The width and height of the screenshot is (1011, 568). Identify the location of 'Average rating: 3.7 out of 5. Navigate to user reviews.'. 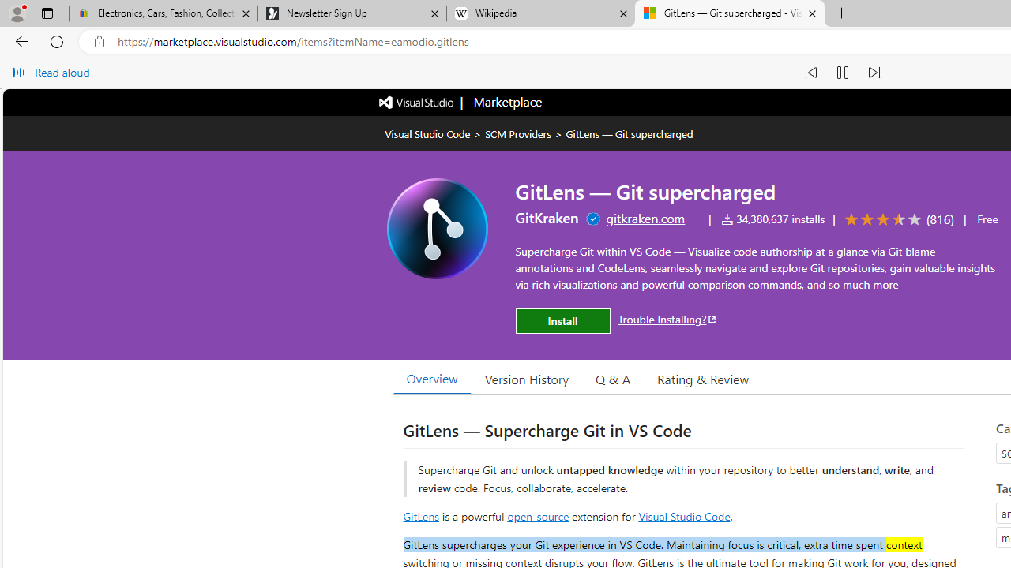
(896, 219).